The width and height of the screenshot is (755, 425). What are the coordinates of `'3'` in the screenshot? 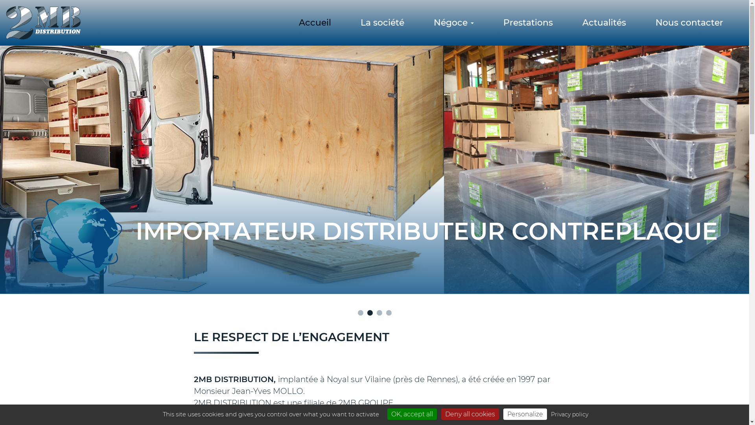 It's located at (379, 312).